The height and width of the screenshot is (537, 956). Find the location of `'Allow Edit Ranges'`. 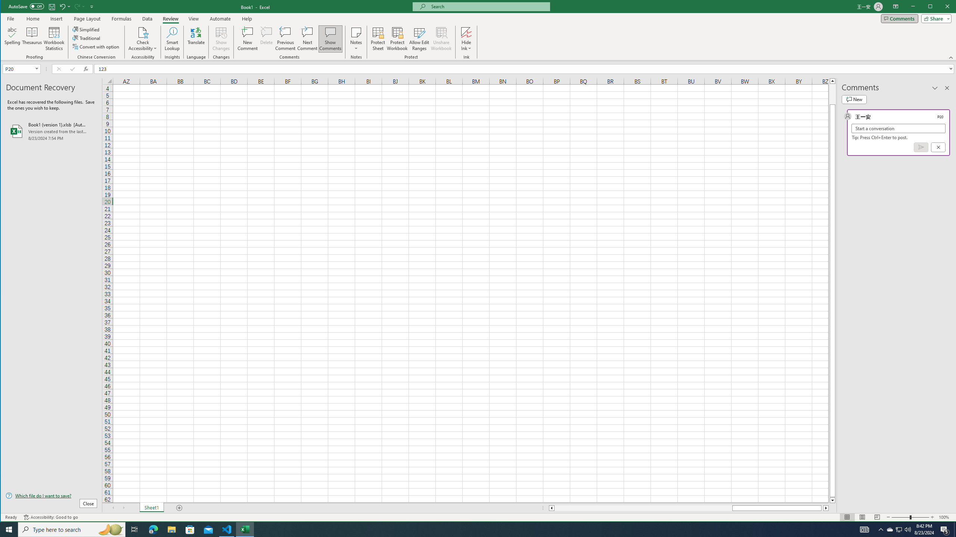

'Allow Edit Ranges' is located at coordinates (419, 38).